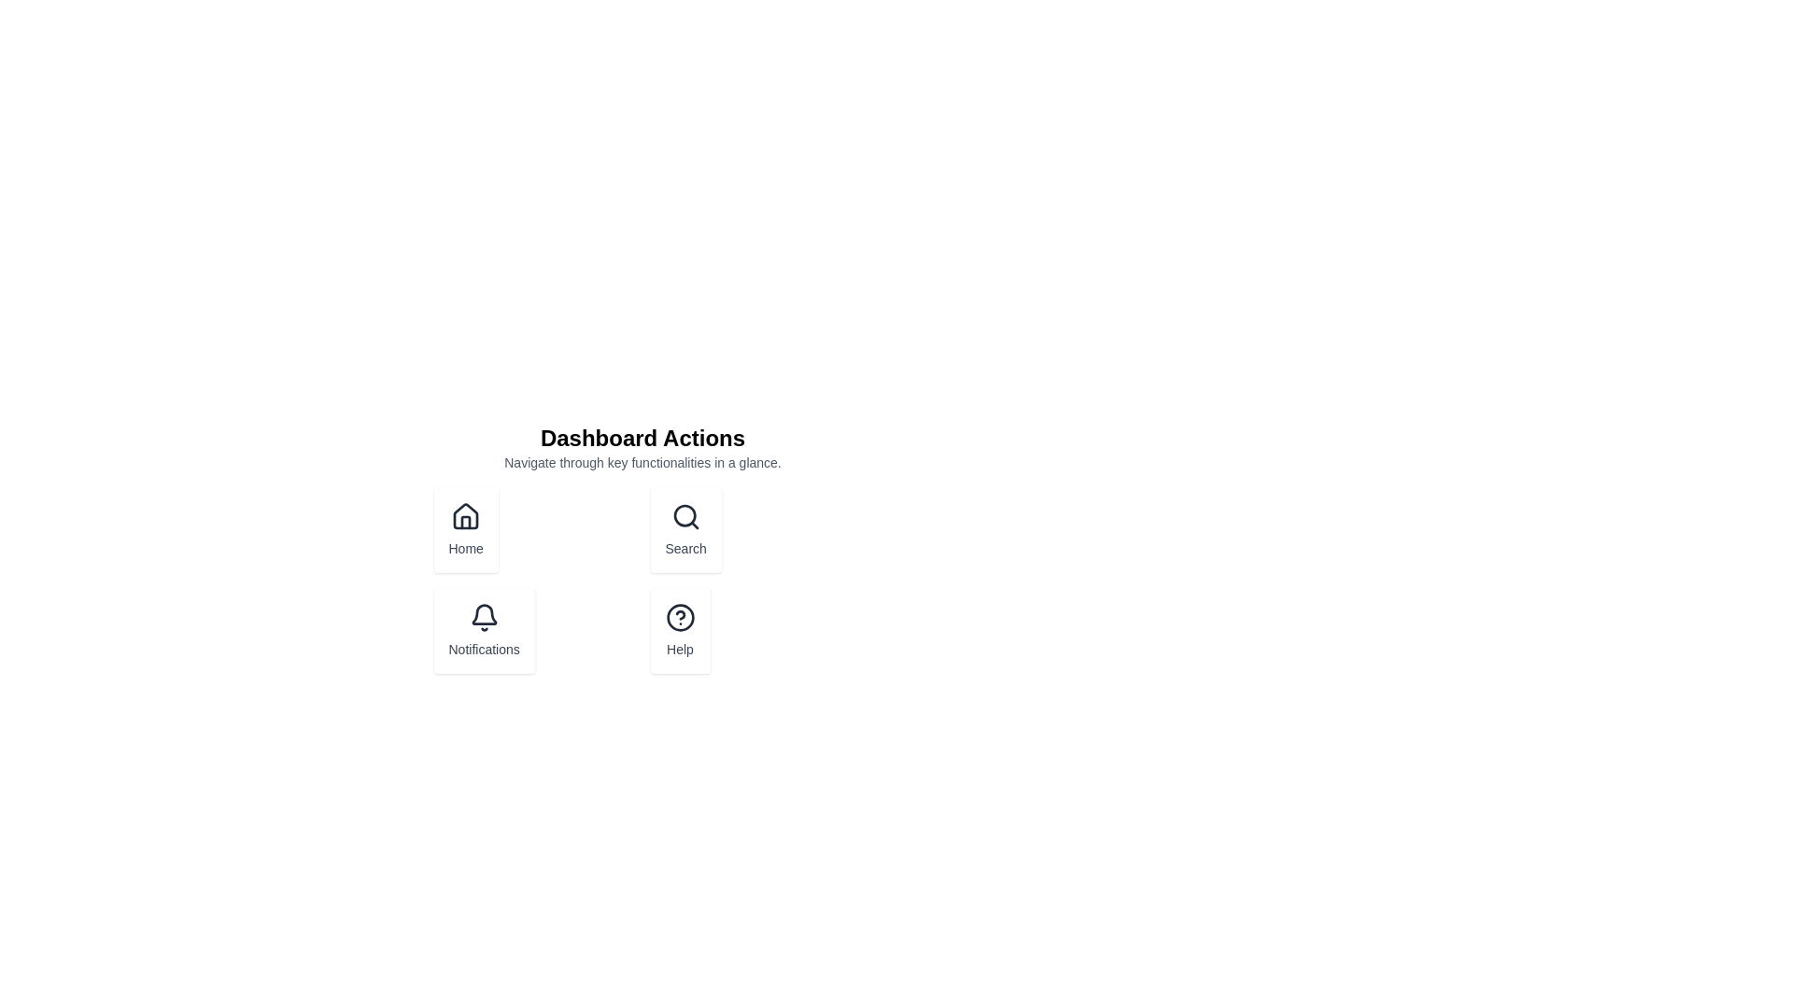 Image resolution: width=1793 pixels, height=1008 pixels. I want to click on the house icon in the 'Dashboard Actions' section, so click(466, 517).